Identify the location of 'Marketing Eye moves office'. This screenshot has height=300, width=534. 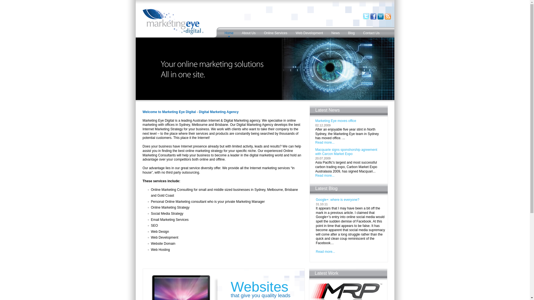
(335, 121).